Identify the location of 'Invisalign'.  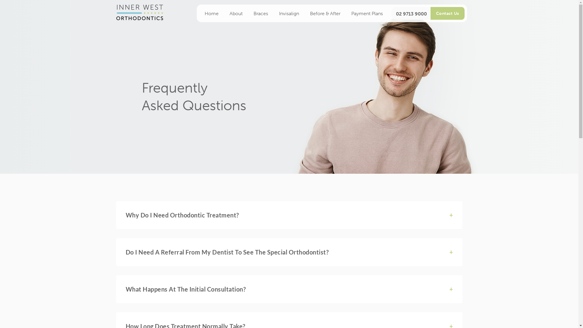
(288, 13).